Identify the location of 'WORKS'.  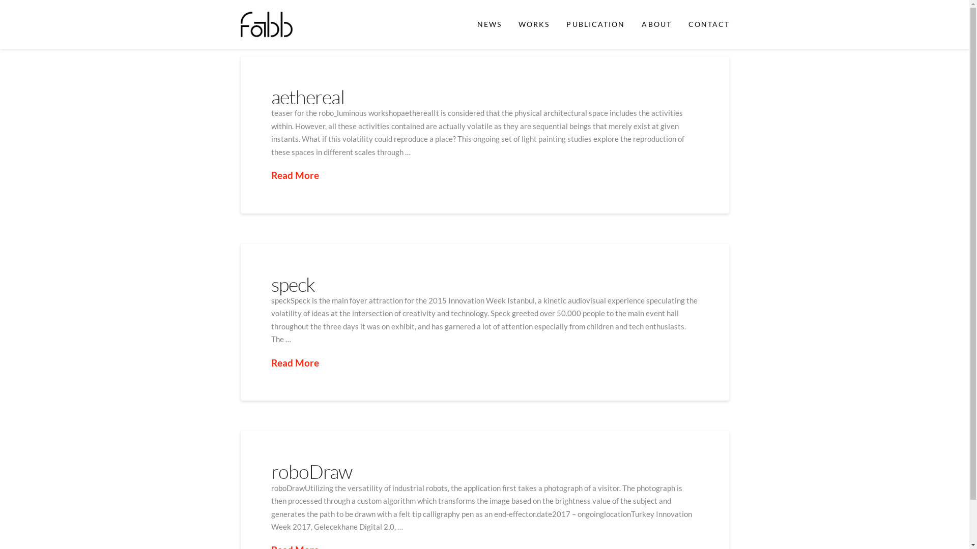
(533, 23).